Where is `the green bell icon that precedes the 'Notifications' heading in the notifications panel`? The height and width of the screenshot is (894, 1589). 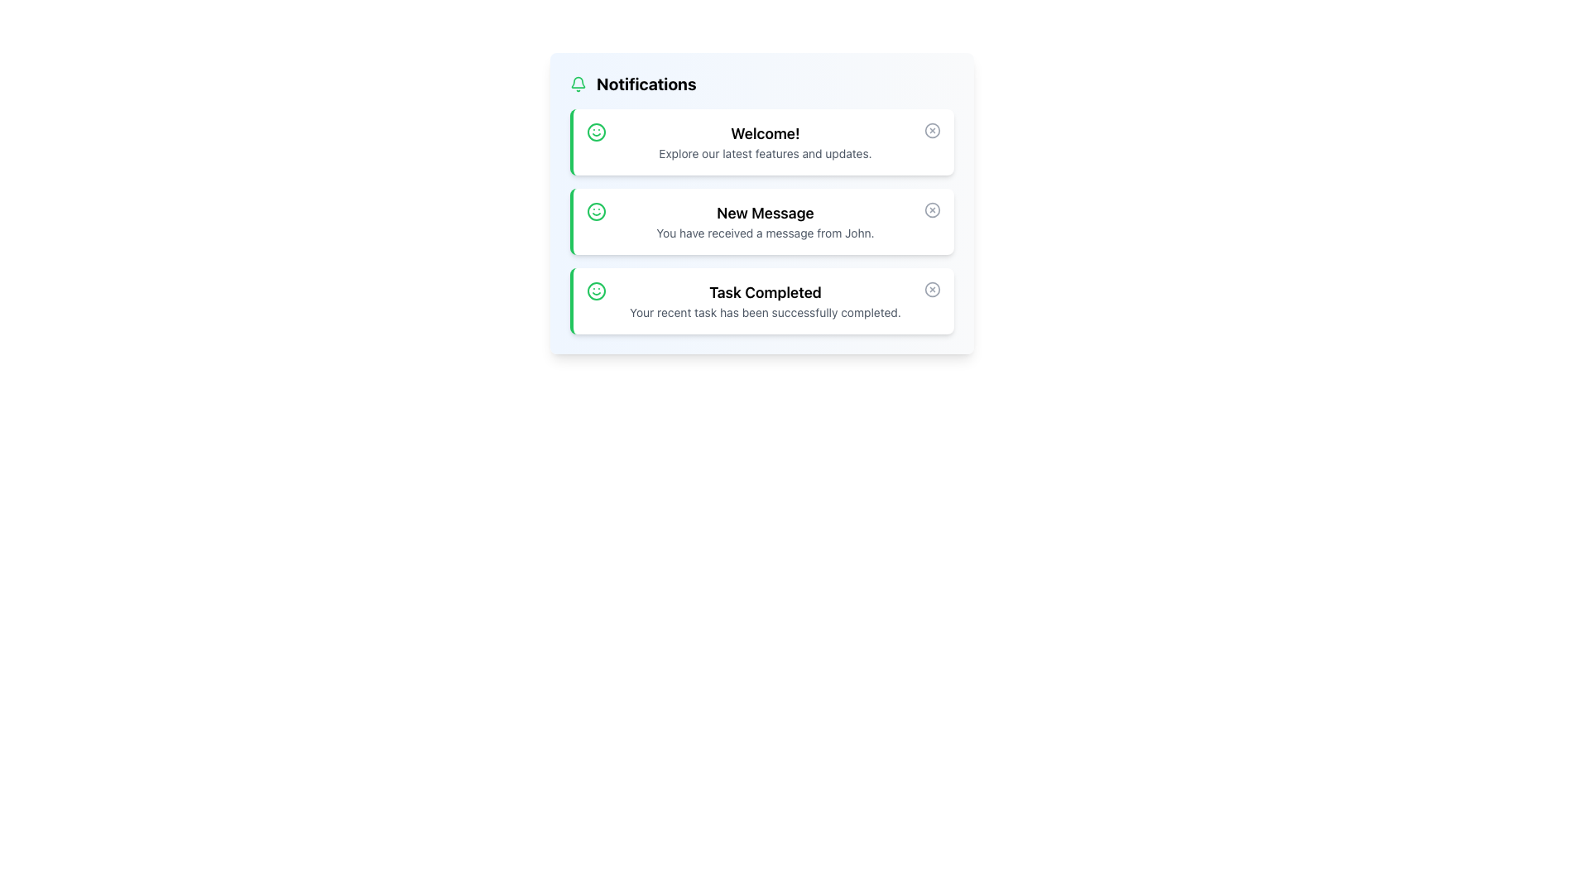
the green bell icon that precedes the 'Notifications' heading in the notifications panel is located at coordinates (578, 84).